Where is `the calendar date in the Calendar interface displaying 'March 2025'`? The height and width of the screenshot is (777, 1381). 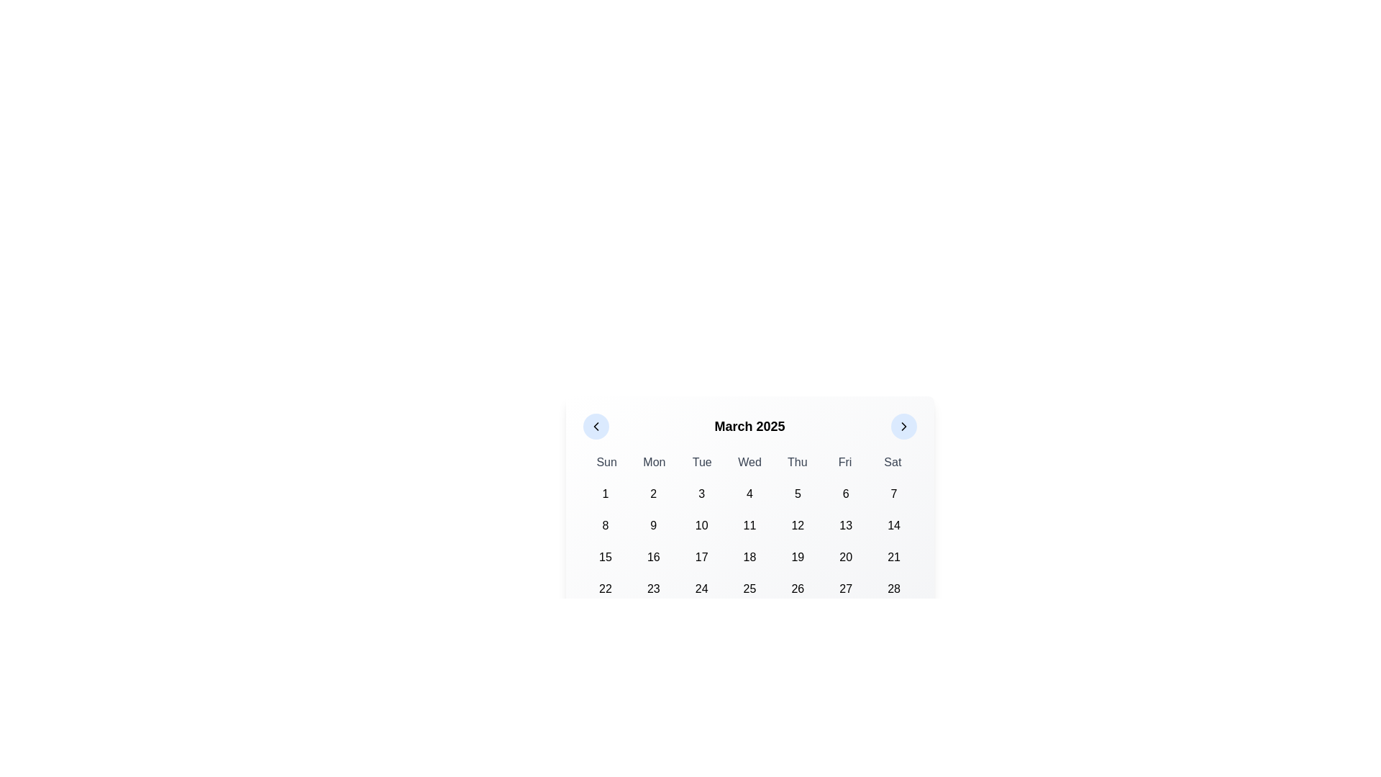
the calendar date in the Calendar interface displaying 'March 2025' is located at coordinates (749, 524).